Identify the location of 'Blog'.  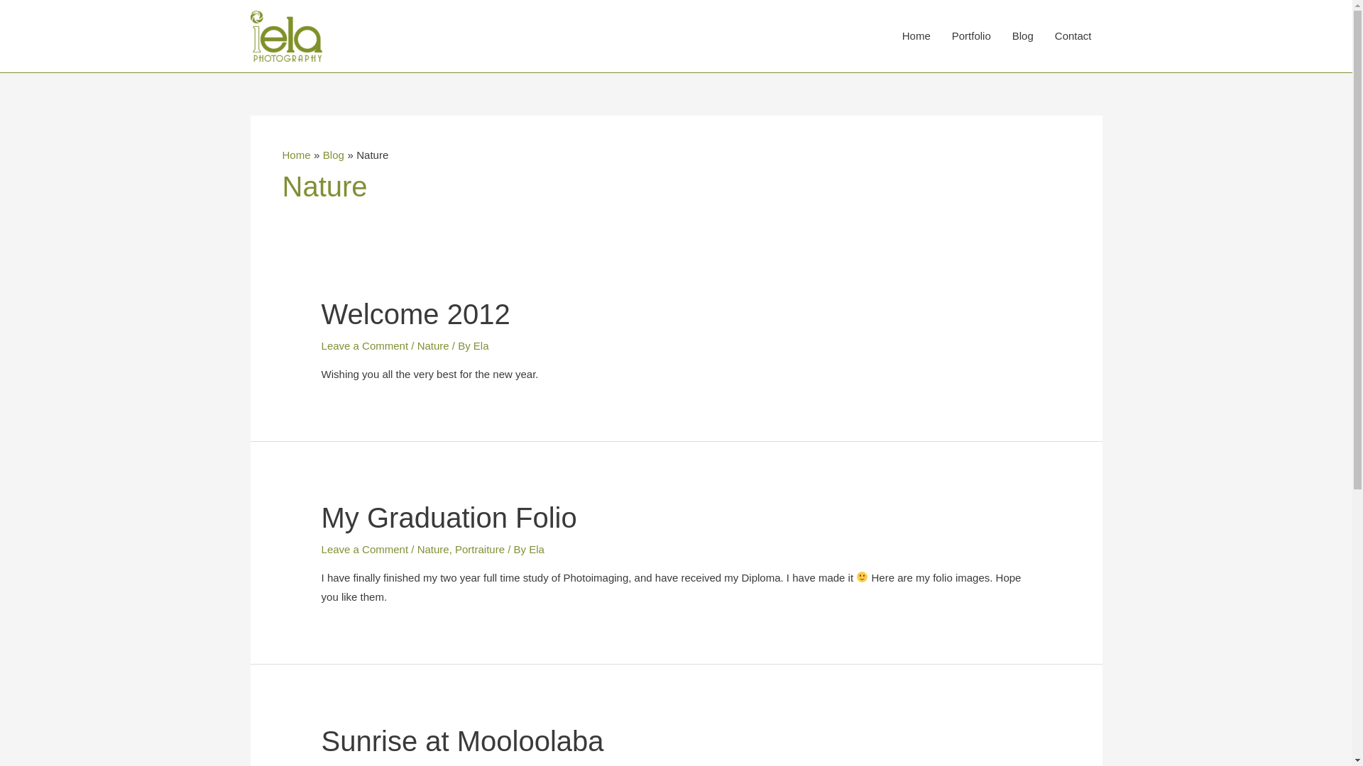
(333, 155).